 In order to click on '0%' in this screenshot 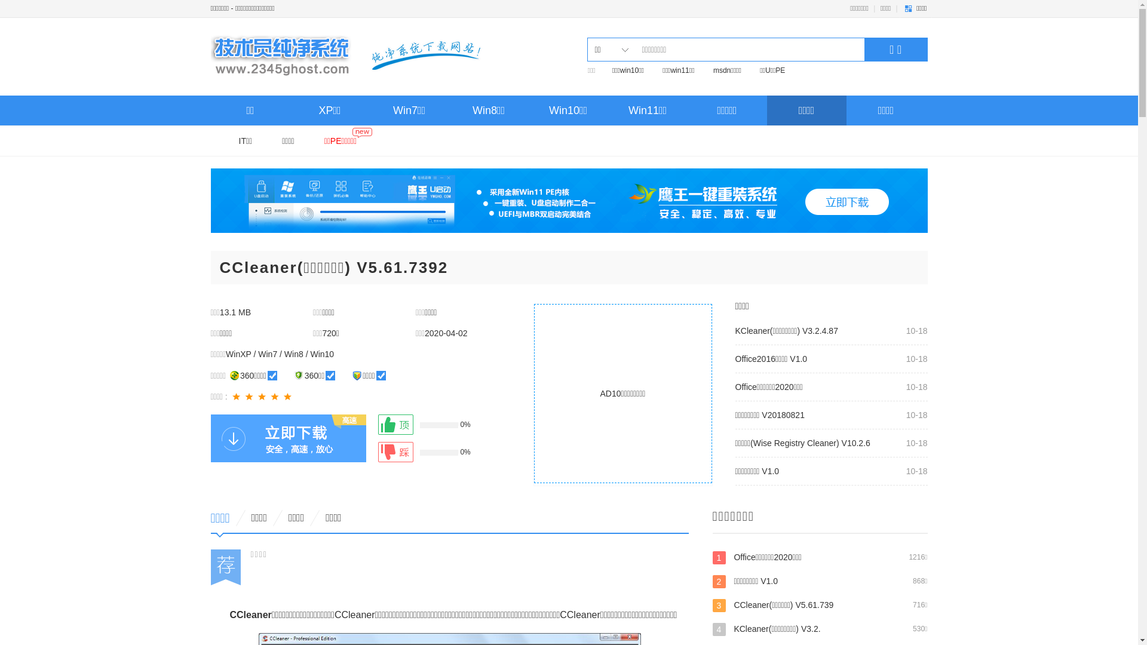, I will do `click(433, 451)`.